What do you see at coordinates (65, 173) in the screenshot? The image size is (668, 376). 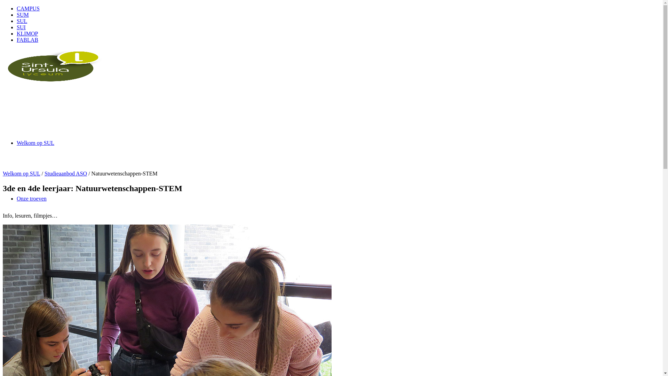 I see `'Studieaanbod ASO'` at bounding box center [65, 173].